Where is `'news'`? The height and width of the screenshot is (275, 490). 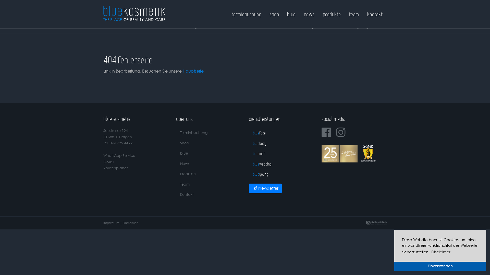
'news' is located at coordinates (309, 14).